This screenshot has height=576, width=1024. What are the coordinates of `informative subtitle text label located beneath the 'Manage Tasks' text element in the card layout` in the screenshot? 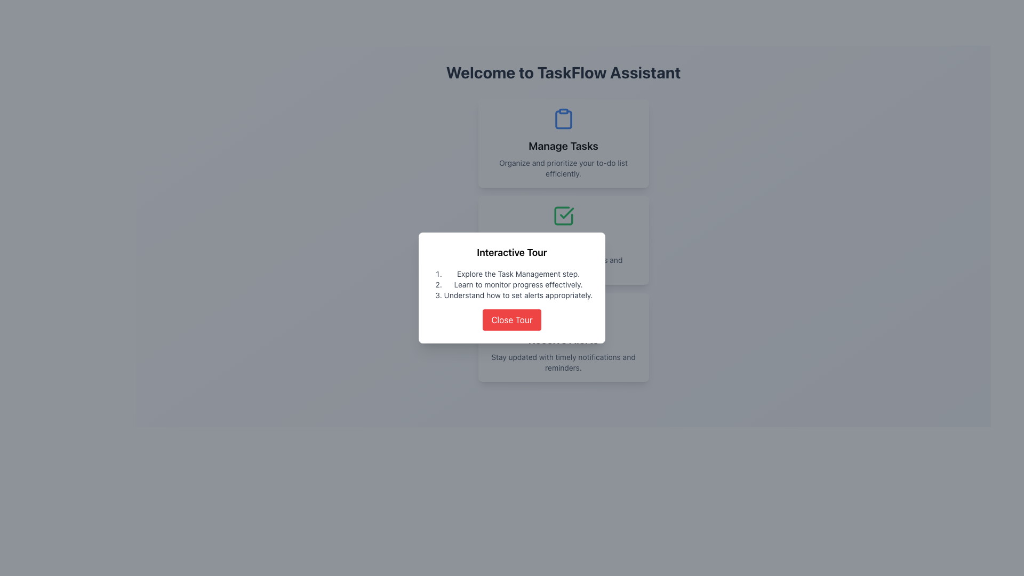 It's located at (563, 168).